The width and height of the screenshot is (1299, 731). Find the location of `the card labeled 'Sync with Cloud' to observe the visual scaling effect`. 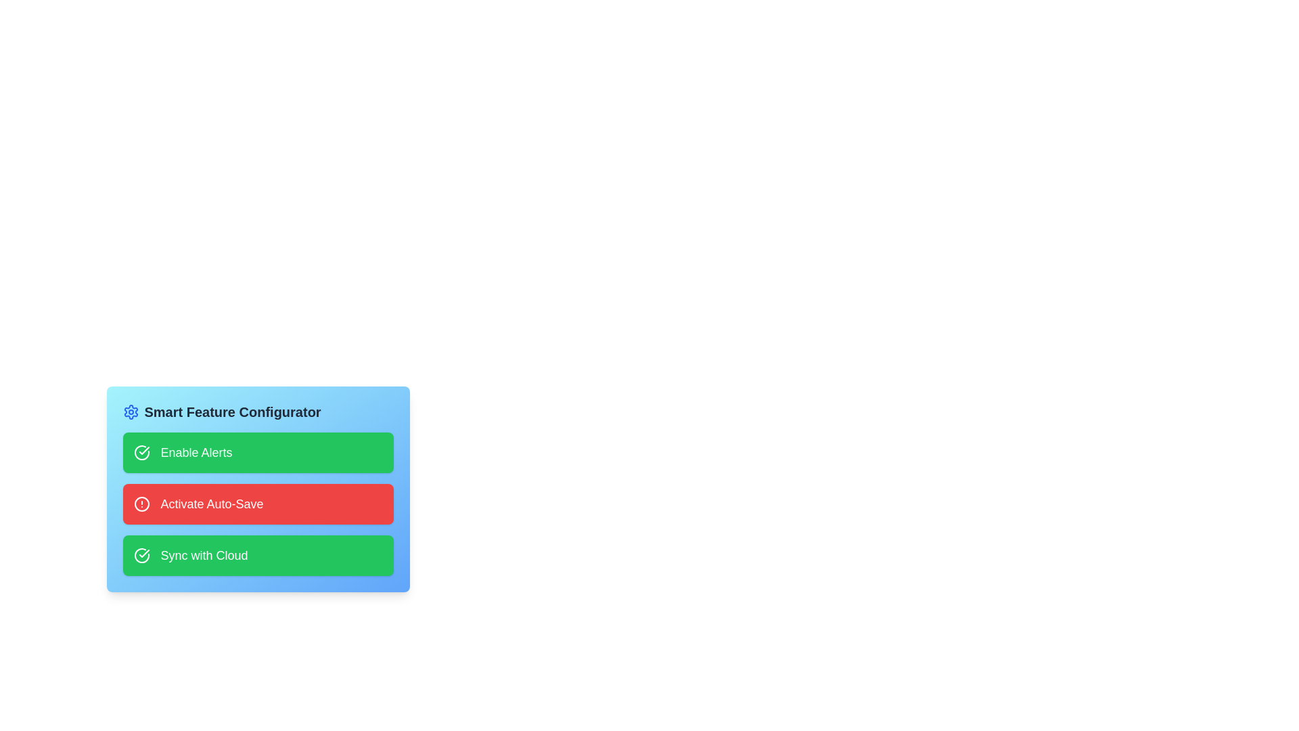

the card labeled 'Sync with Cloud' to observe the visual scaling effect is located at coordinates (258, 556).